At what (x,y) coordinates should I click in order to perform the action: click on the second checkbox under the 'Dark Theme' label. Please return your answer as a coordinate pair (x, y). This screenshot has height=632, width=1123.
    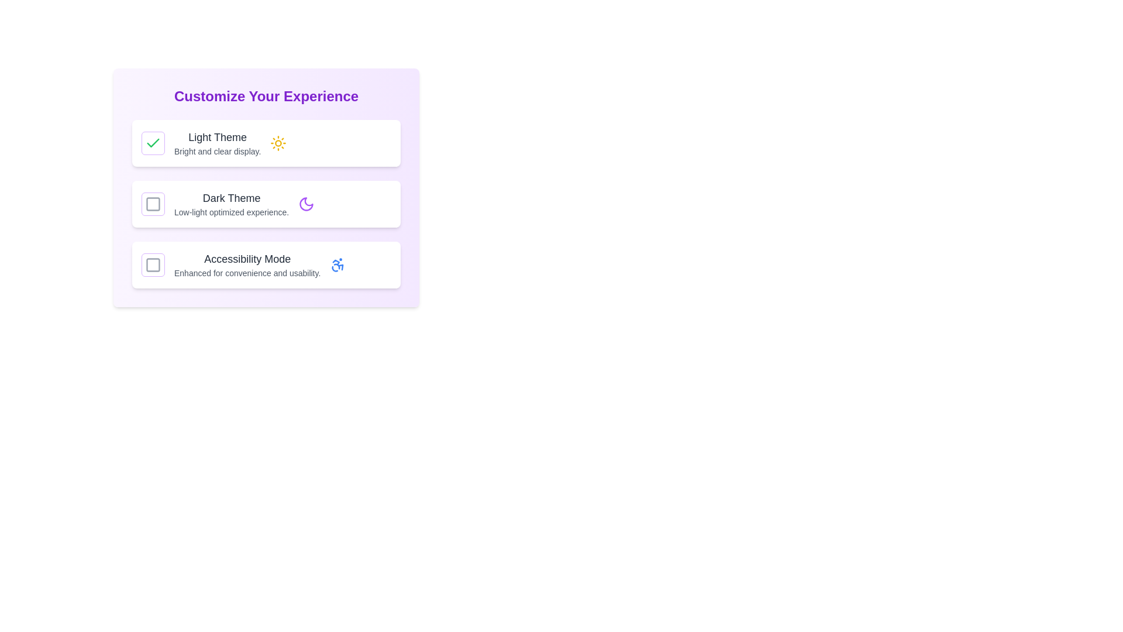
    Looking at the image, I should click on (153, 203).